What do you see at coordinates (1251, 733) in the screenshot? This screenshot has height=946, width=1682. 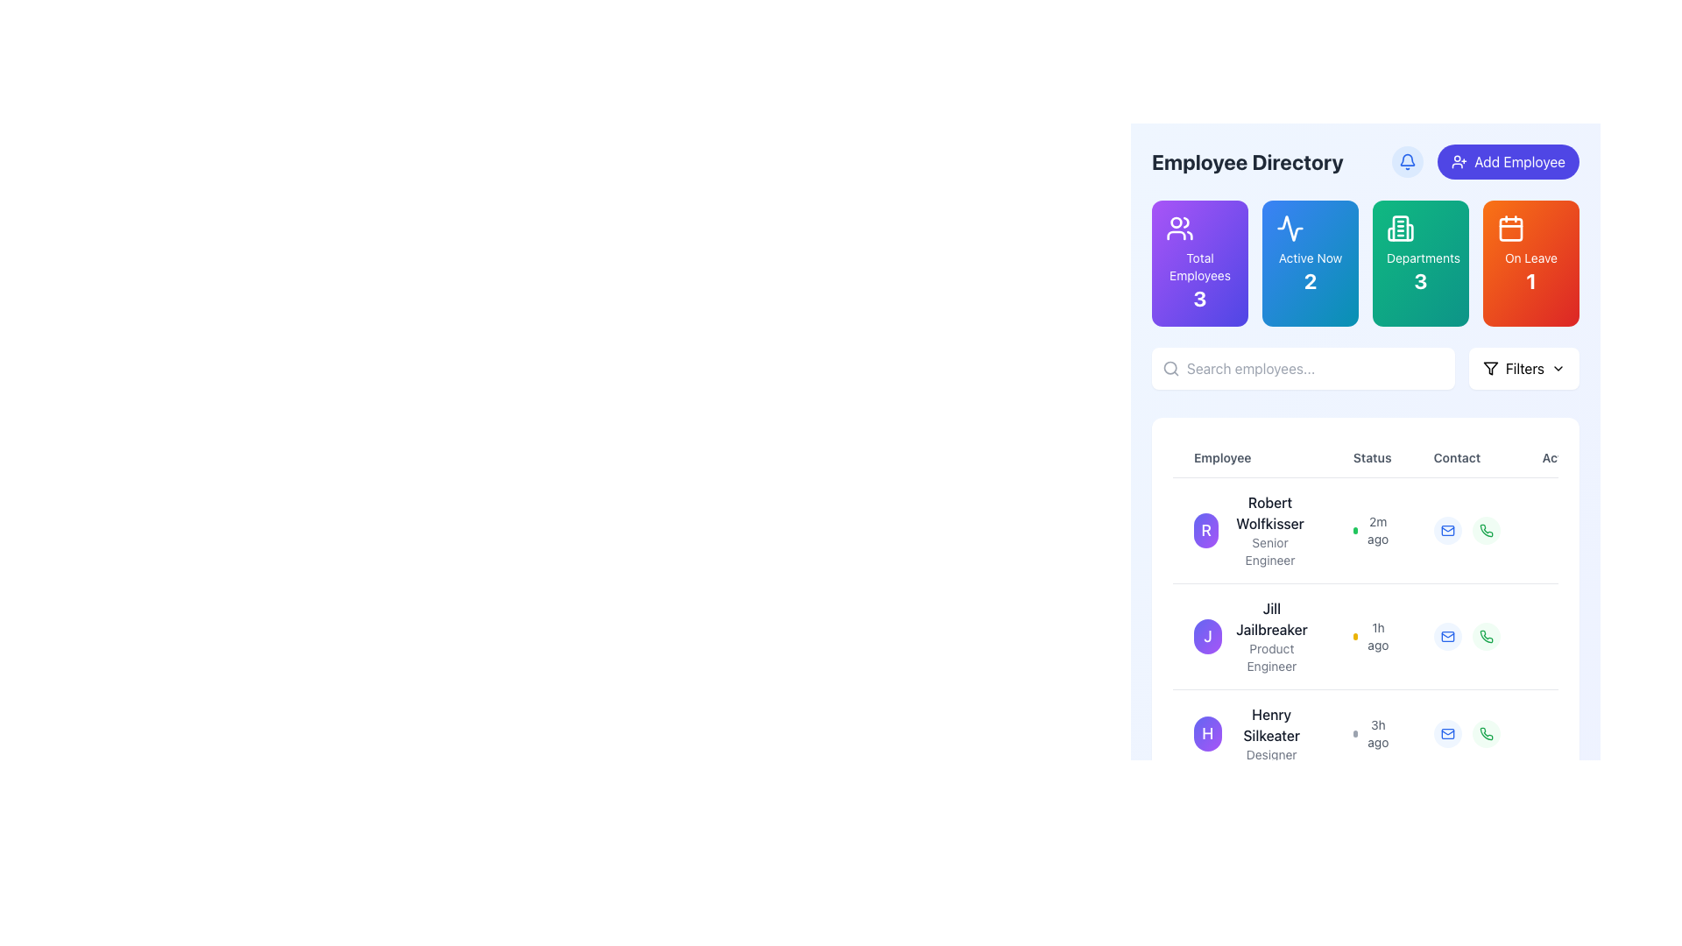 I see `the Text and avatar combination component displaying employee details, located as the third entry below 'Robert Wolfkisser' and 'Jill Jailbreaker'` at bounding box center [1251, 733].